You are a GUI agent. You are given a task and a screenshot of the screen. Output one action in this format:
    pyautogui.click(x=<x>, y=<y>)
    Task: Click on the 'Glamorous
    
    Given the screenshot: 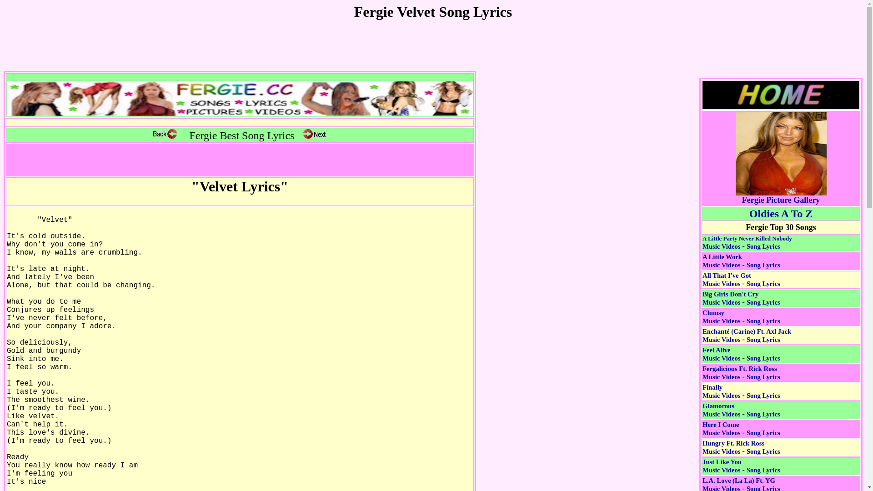 What is the action you would take?
    pyautogui.click(x=721, y=410)
    